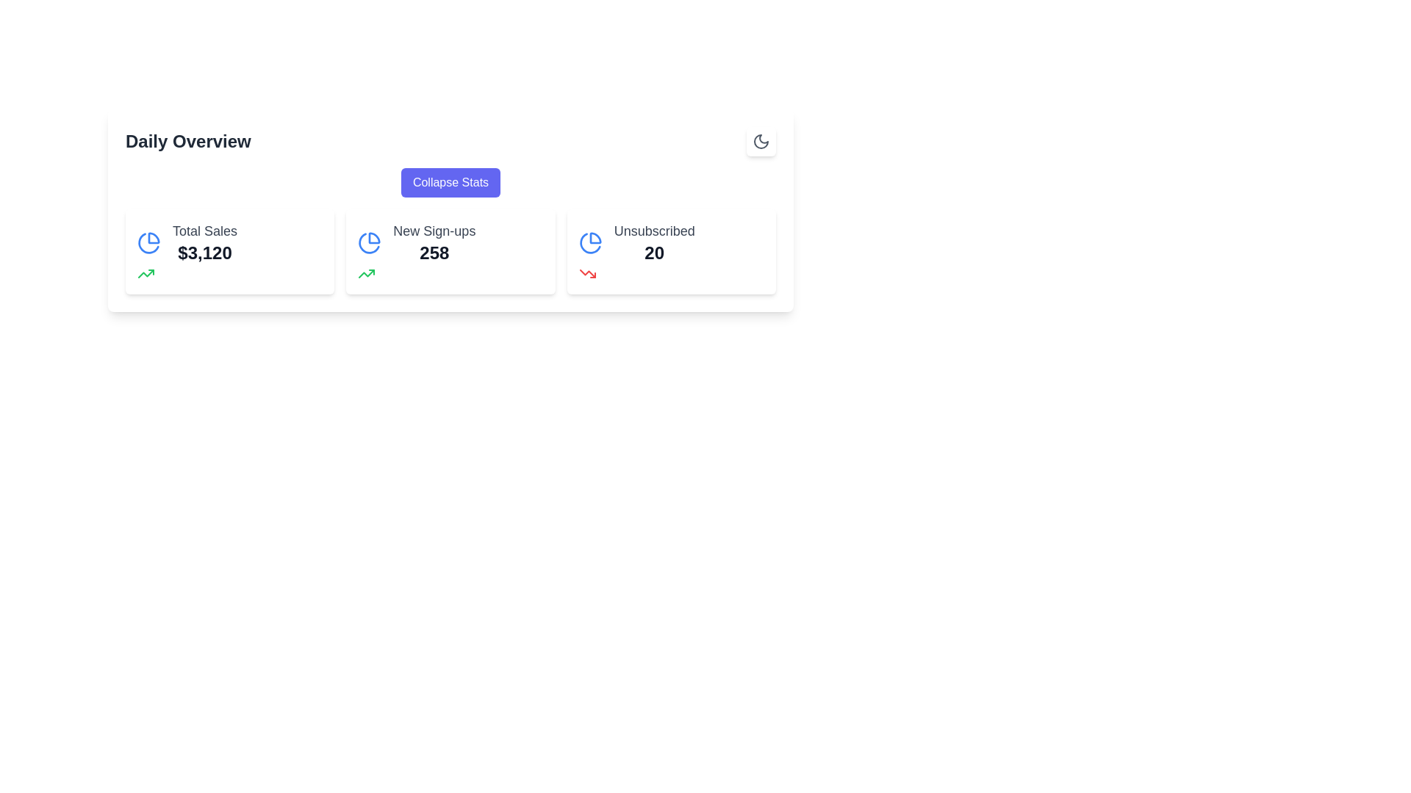 The height and width of the screenshot is (793, 1411). What do you see at coordinates (670, 251) in the screenshot?
I see `the Information card displaying the subscription statistic for unsubscribed users, which is the third and rightmost card in a three-column grid layout` at bounding box center [670, 251].